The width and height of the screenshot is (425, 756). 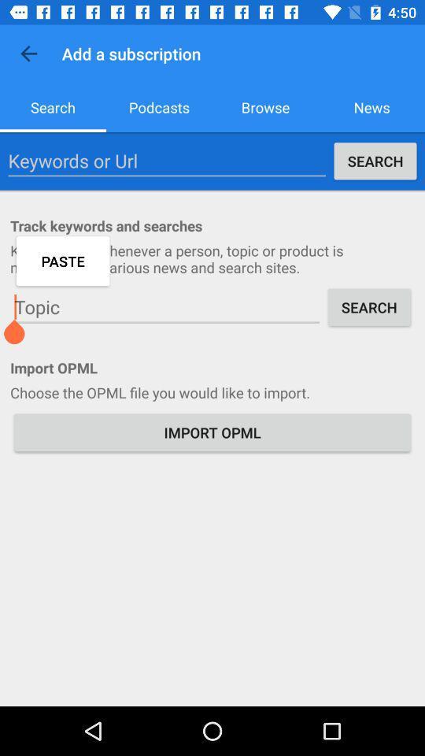 I want to click on item below the add a subscription, so click(x=159, y=106).